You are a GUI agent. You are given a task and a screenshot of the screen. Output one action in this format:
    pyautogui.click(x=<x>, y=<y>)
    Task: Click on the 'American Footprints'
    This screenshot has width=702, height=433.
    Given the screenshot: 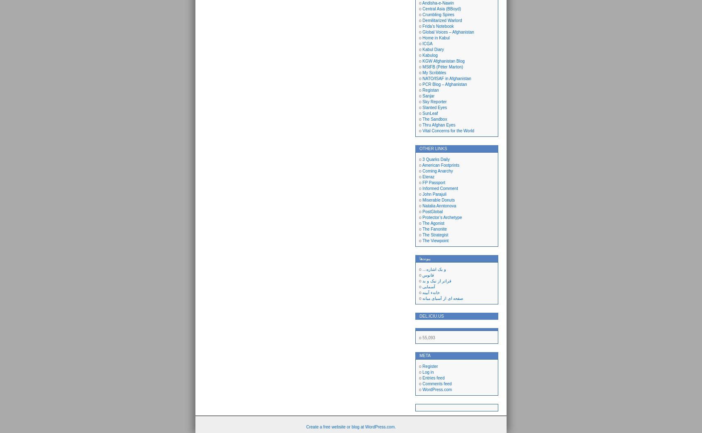 What is the action you would take?
    pyautogui.click(x=422, y=165)
    